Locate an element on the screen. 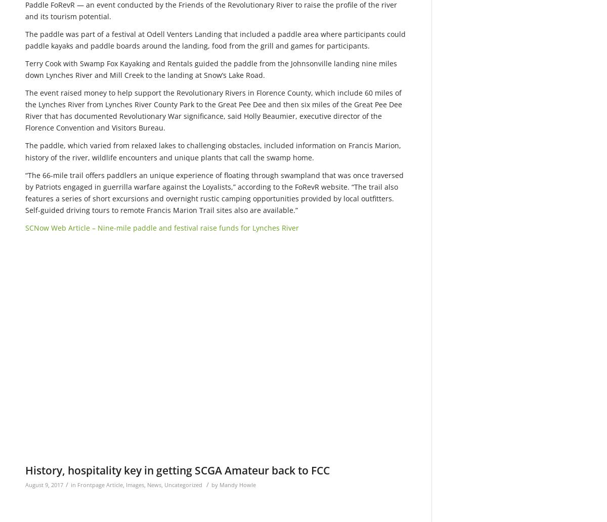 Image resolution: width=607 pixels, height=522 pixels. 'The paddle was part of a festival at Odell Venters Landing that included a paddle area where participants could paddle kayaks and paddle boards around the landing, food from the grill and games for participants.' is located at coordinates (215, 39).